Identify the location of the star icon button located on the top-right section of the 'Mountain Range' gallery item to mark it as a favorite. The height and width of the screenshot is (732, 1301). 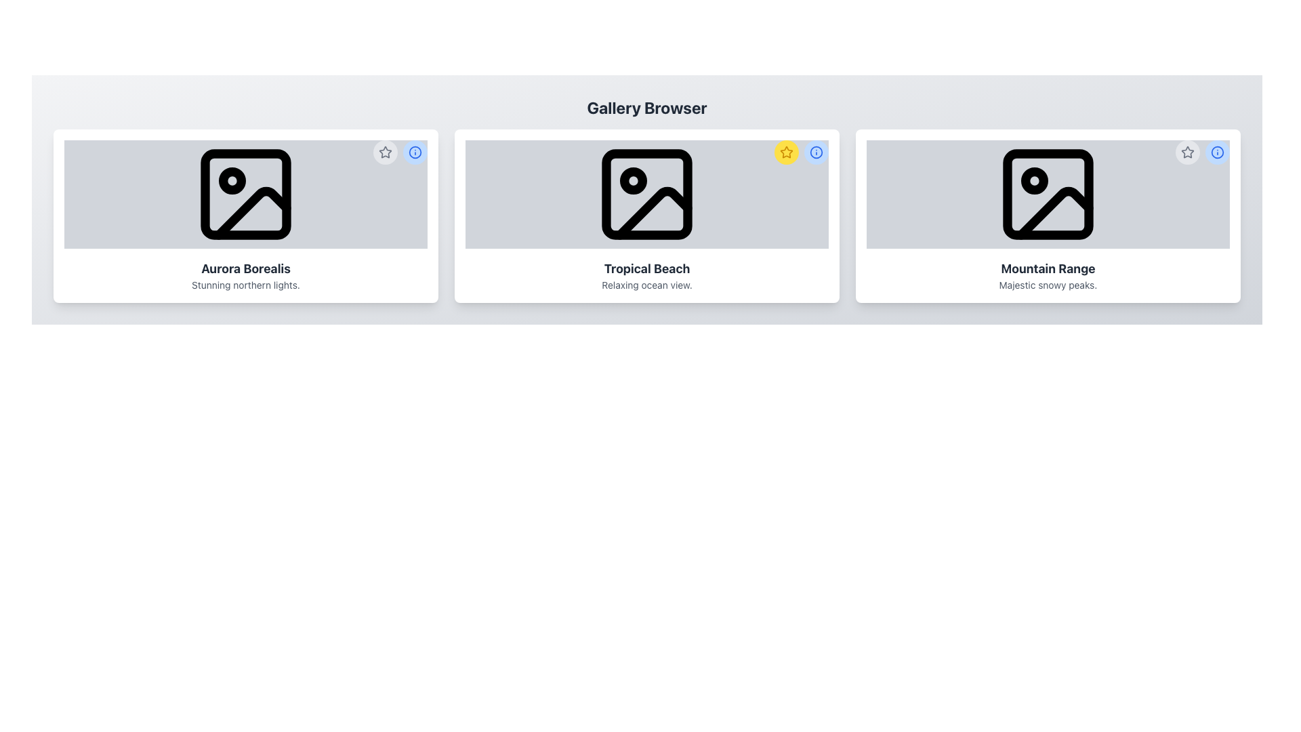
(1186, 151).